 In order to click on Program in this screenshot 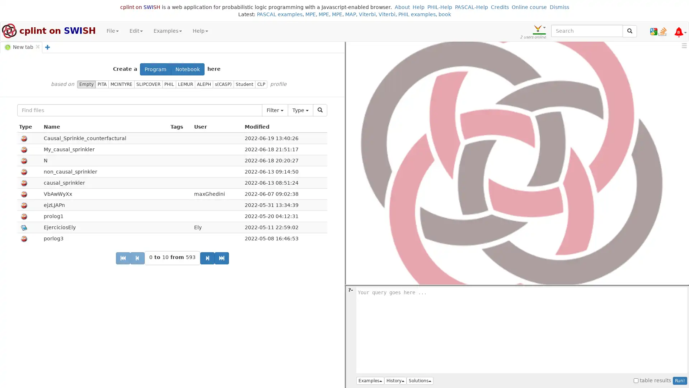, I will do `click(155, 69)`.